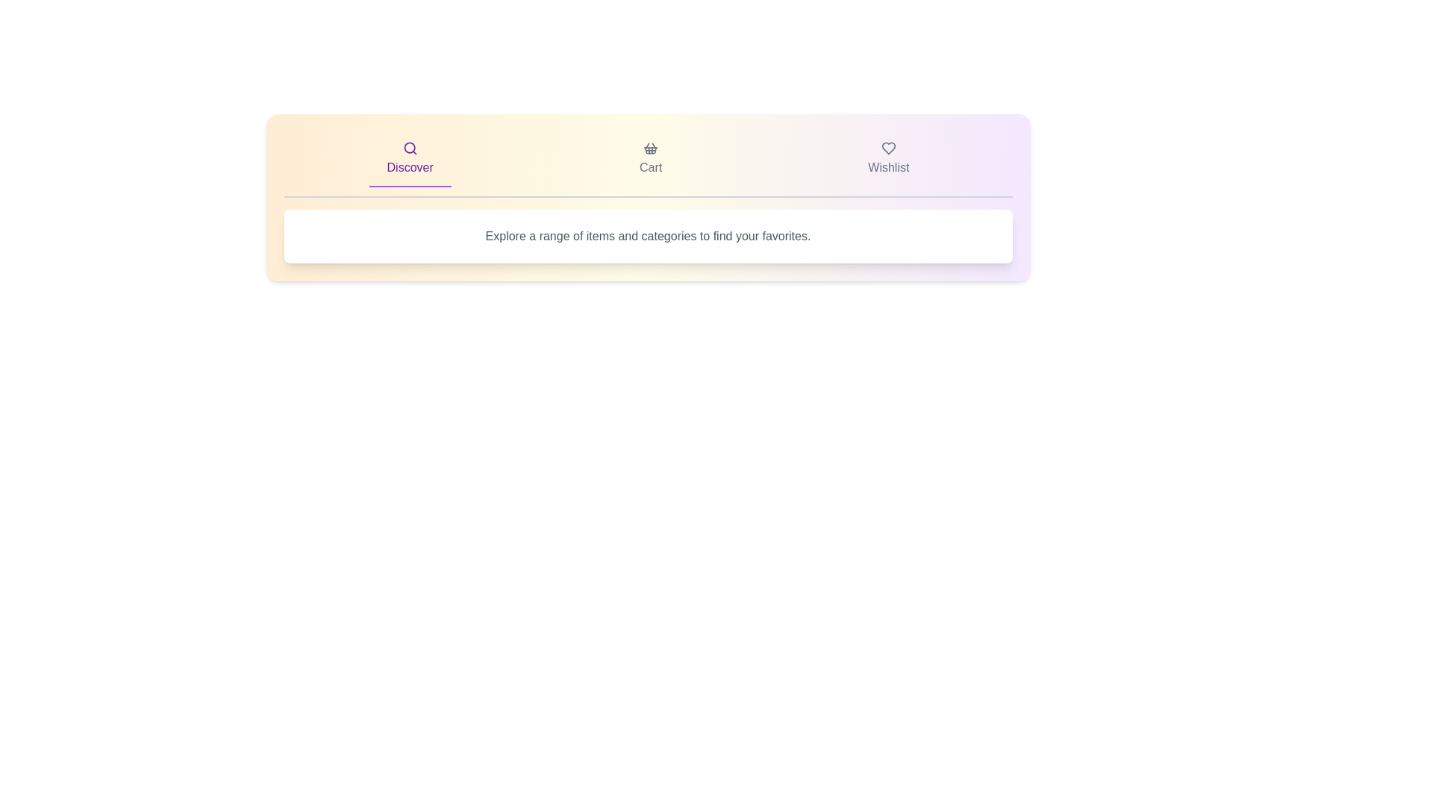 The width and height of the screenshot is (1433, 806). What do you see at coordinates (888, 159) in the screenshot?
I see `the Wishlist tab by clicking on its button` at bounding box center [888, 159].